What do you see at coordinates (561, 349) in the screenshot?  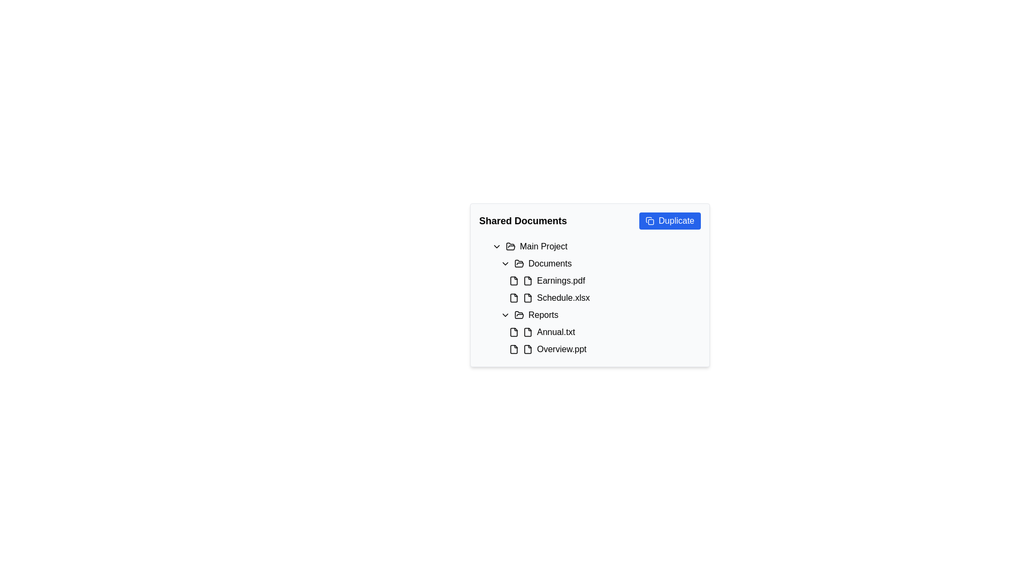 I see `the text label titled 'Overview.ppt' in the file list under the 'Reports' folder` at bounding box center [561, 349].